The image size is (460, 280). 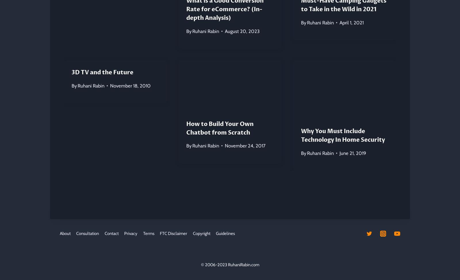 I want to click on '© 2006-2023 RuhaniRabin.com', so click(x=230, y=264).